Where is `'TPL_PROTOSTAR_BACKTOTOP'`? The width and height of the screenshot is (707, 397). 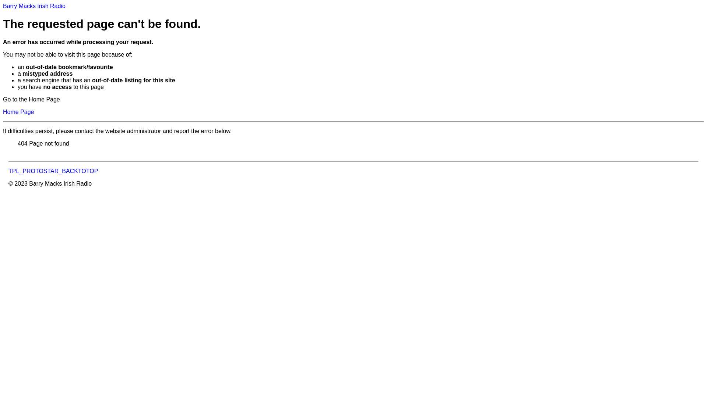 'TPL_PROTOSTAR_BACKTOTOP' is located at coordinates (53, 171).